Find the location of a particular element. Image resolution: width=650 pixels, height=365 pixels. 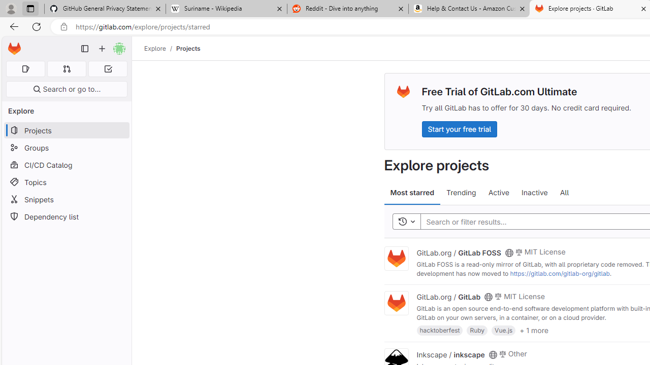

'Inactive' is located at coordinates (534, 193).